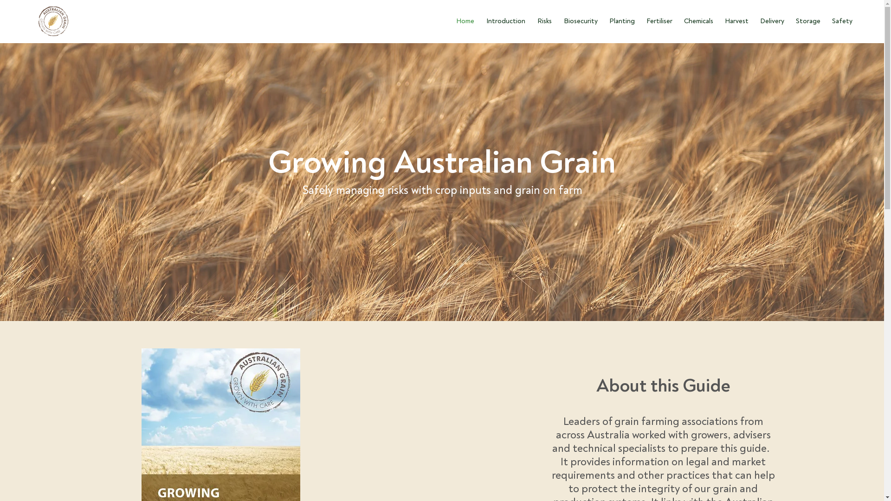 Image resolution: width=891 pixels, height=501 pixels. What do you see at coordinates (658, 21) in the screenshot?
I see `'Fertiliser'` at bounding box center [658, 21].